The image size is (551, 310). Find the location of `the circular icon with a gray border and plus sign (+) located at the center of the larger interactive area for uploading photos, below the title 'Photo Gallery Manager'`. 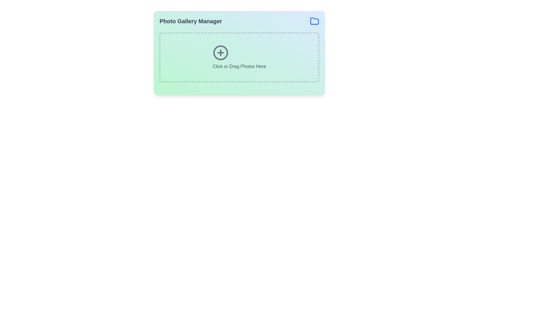

the circular icon with a gray border and plus sign (+) located at the center of the larger interactive area for uploading photos, below the title 'Photo Gallery Manager' is located at coordinates (220, 53).